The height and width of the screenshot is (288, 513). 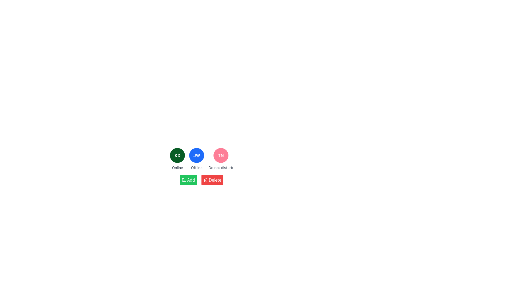 What do you see at coordinates (201, 159) in the screenshot?
I see `the status representation of the group of icons and text labels located in the middle set of icons at the top of the grouped section, which indicates different states such as 'Online', 'Offline', and 'Do not disturb'` at bounding box center [201, 159].